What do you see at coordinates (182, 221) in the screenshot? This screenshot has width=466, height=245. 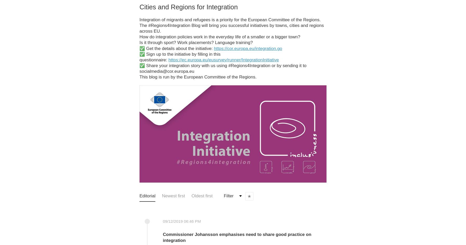 I see `'09/12/2019 06:46 PM'` at bounding box center [182, 221].